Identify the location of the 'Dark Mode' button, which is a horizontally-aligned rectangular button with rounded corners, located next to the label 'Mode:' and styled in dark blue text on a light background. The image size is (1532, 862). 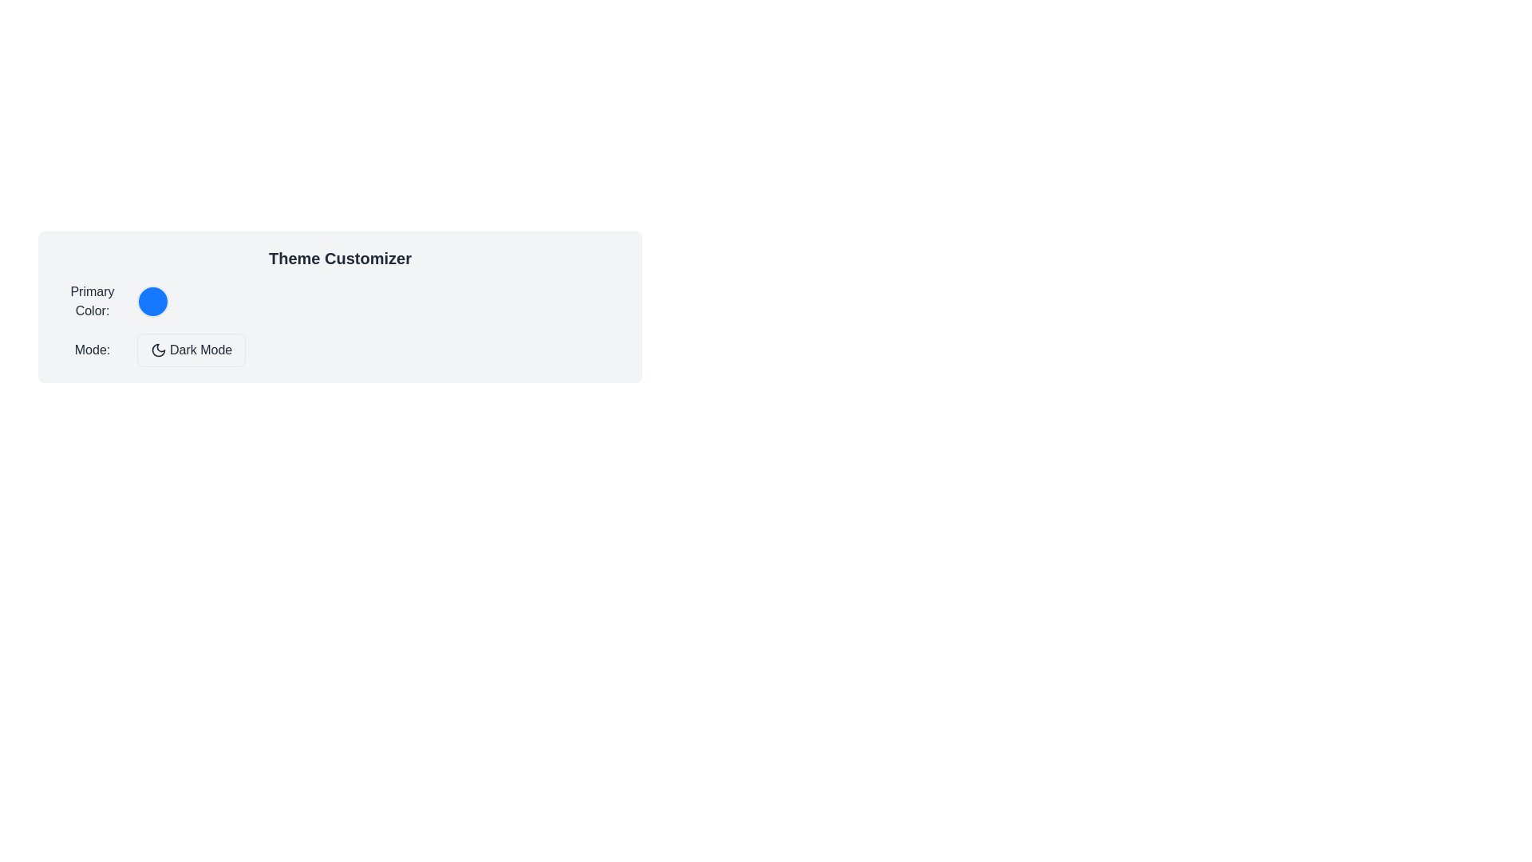
(191, 350).